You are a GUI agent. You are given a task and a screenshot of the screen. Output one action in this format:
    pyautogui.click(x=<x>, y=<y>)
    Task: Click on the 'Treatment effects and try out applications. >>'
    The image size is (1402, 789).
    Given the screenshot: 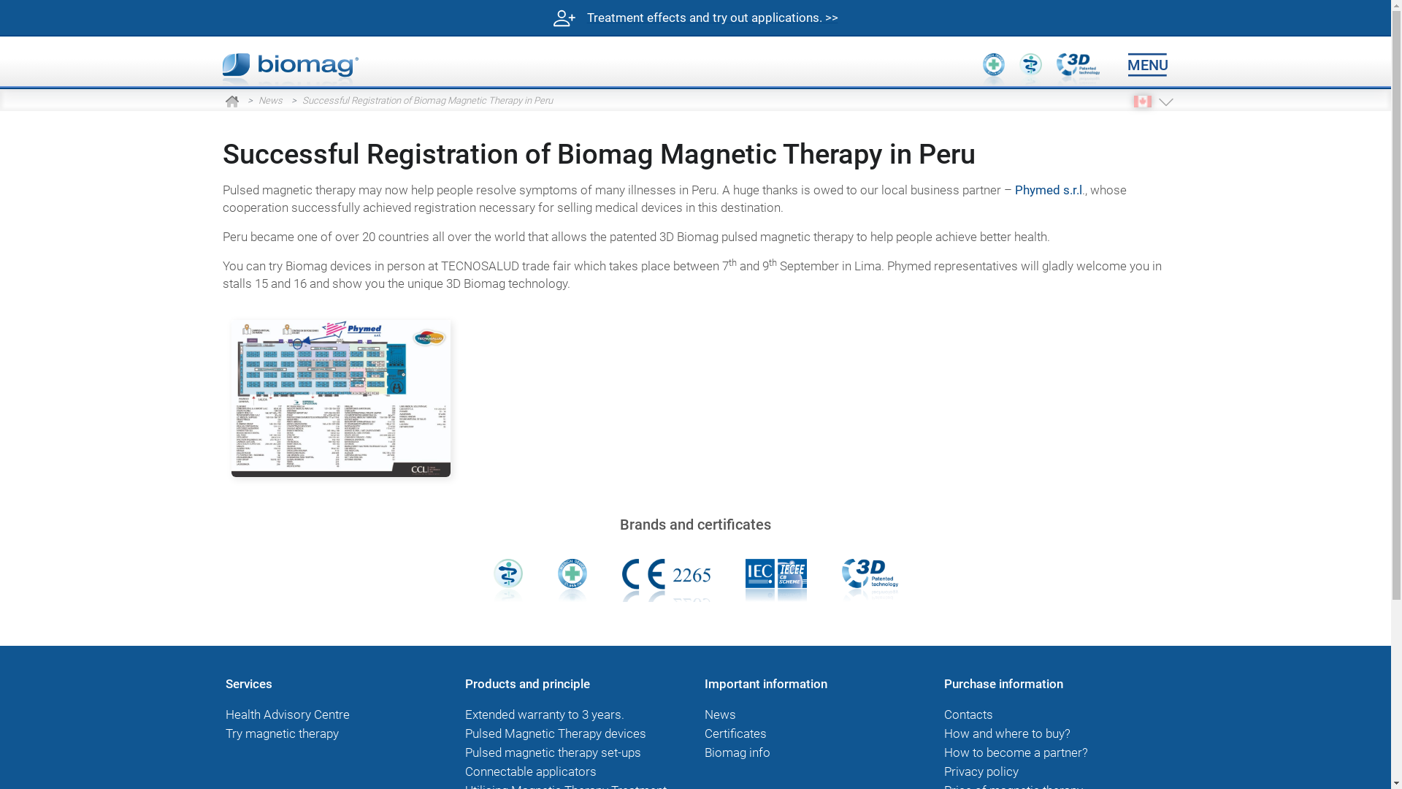 What is the action you would take?
    pyautogui.click(x=694, y=18)
    